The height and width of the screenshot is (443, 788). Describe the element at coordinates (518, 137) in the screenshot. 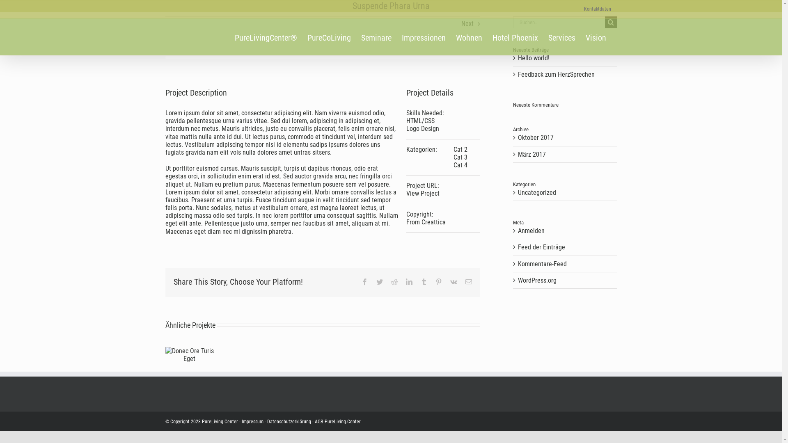

I see `'Oktober 2017'` at that location.